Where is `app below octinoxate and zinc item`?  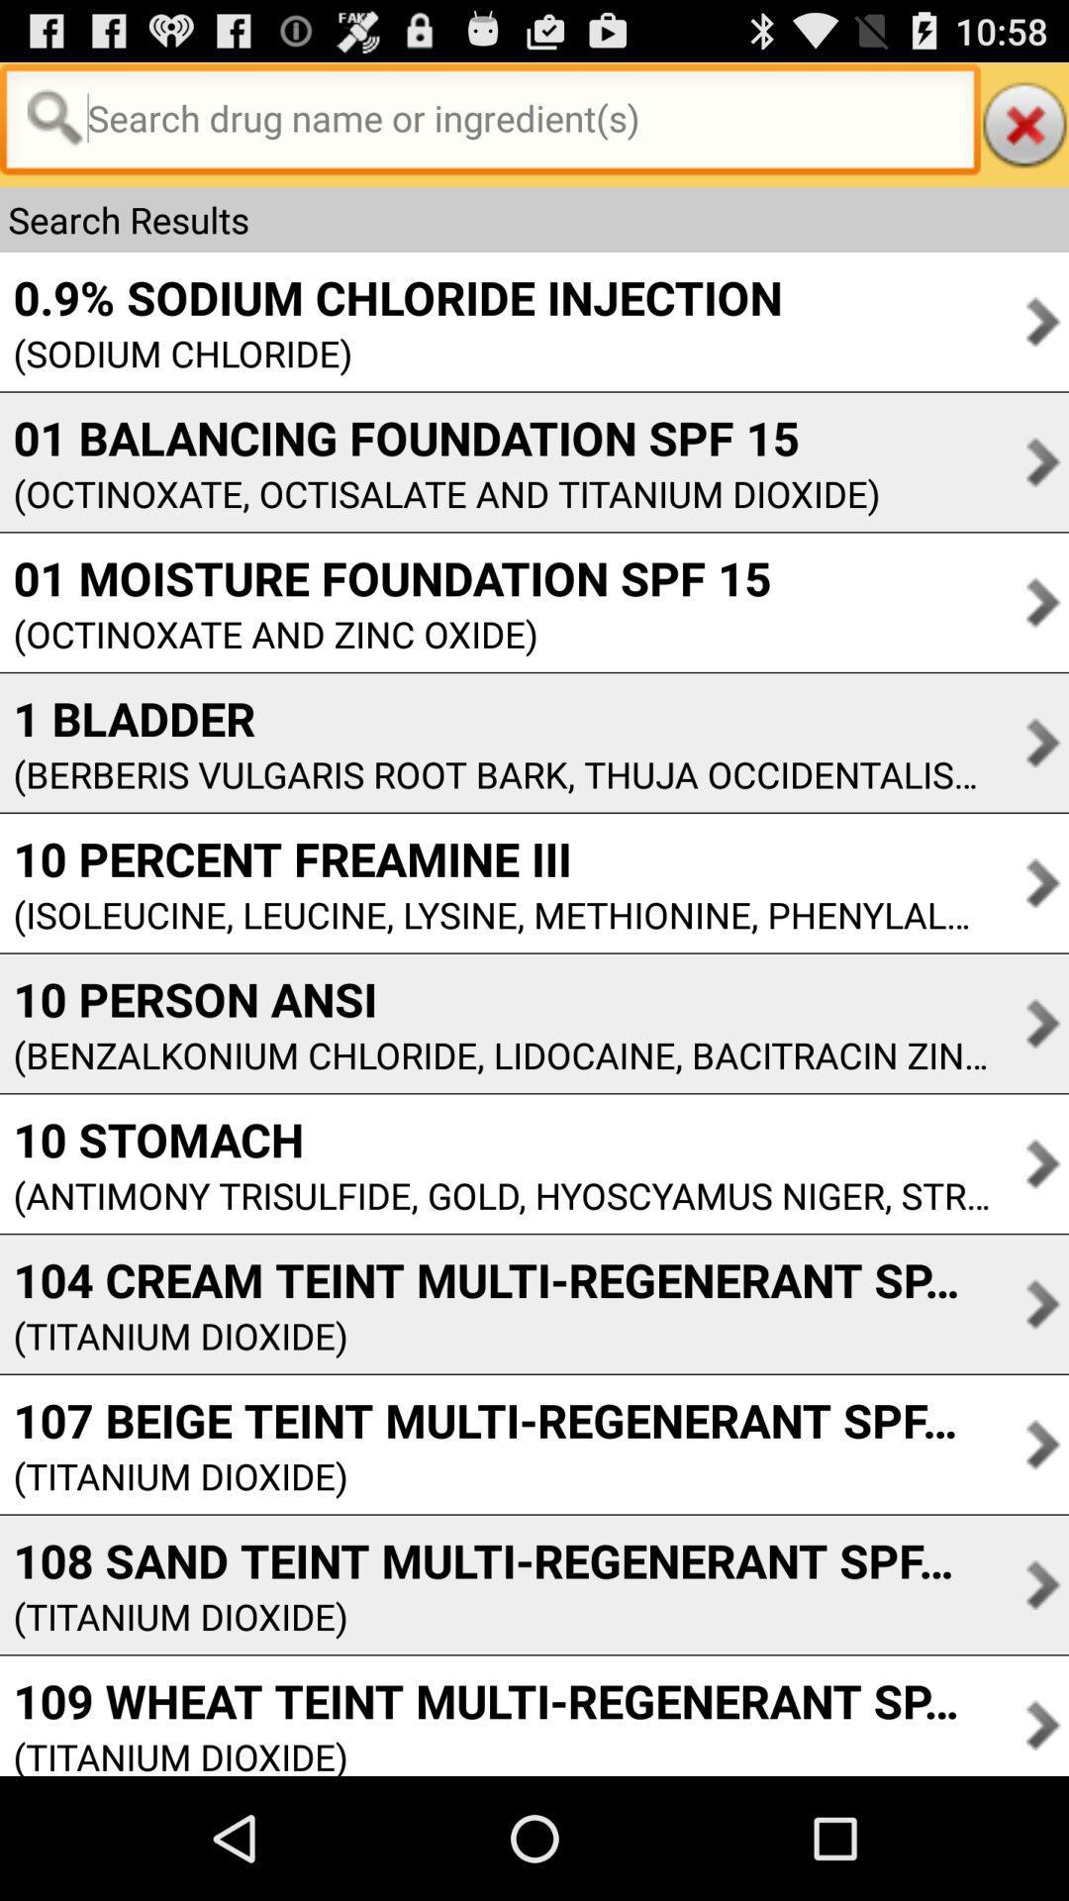 app below octinoxate and zinc item is located at coordinates (494, 717).